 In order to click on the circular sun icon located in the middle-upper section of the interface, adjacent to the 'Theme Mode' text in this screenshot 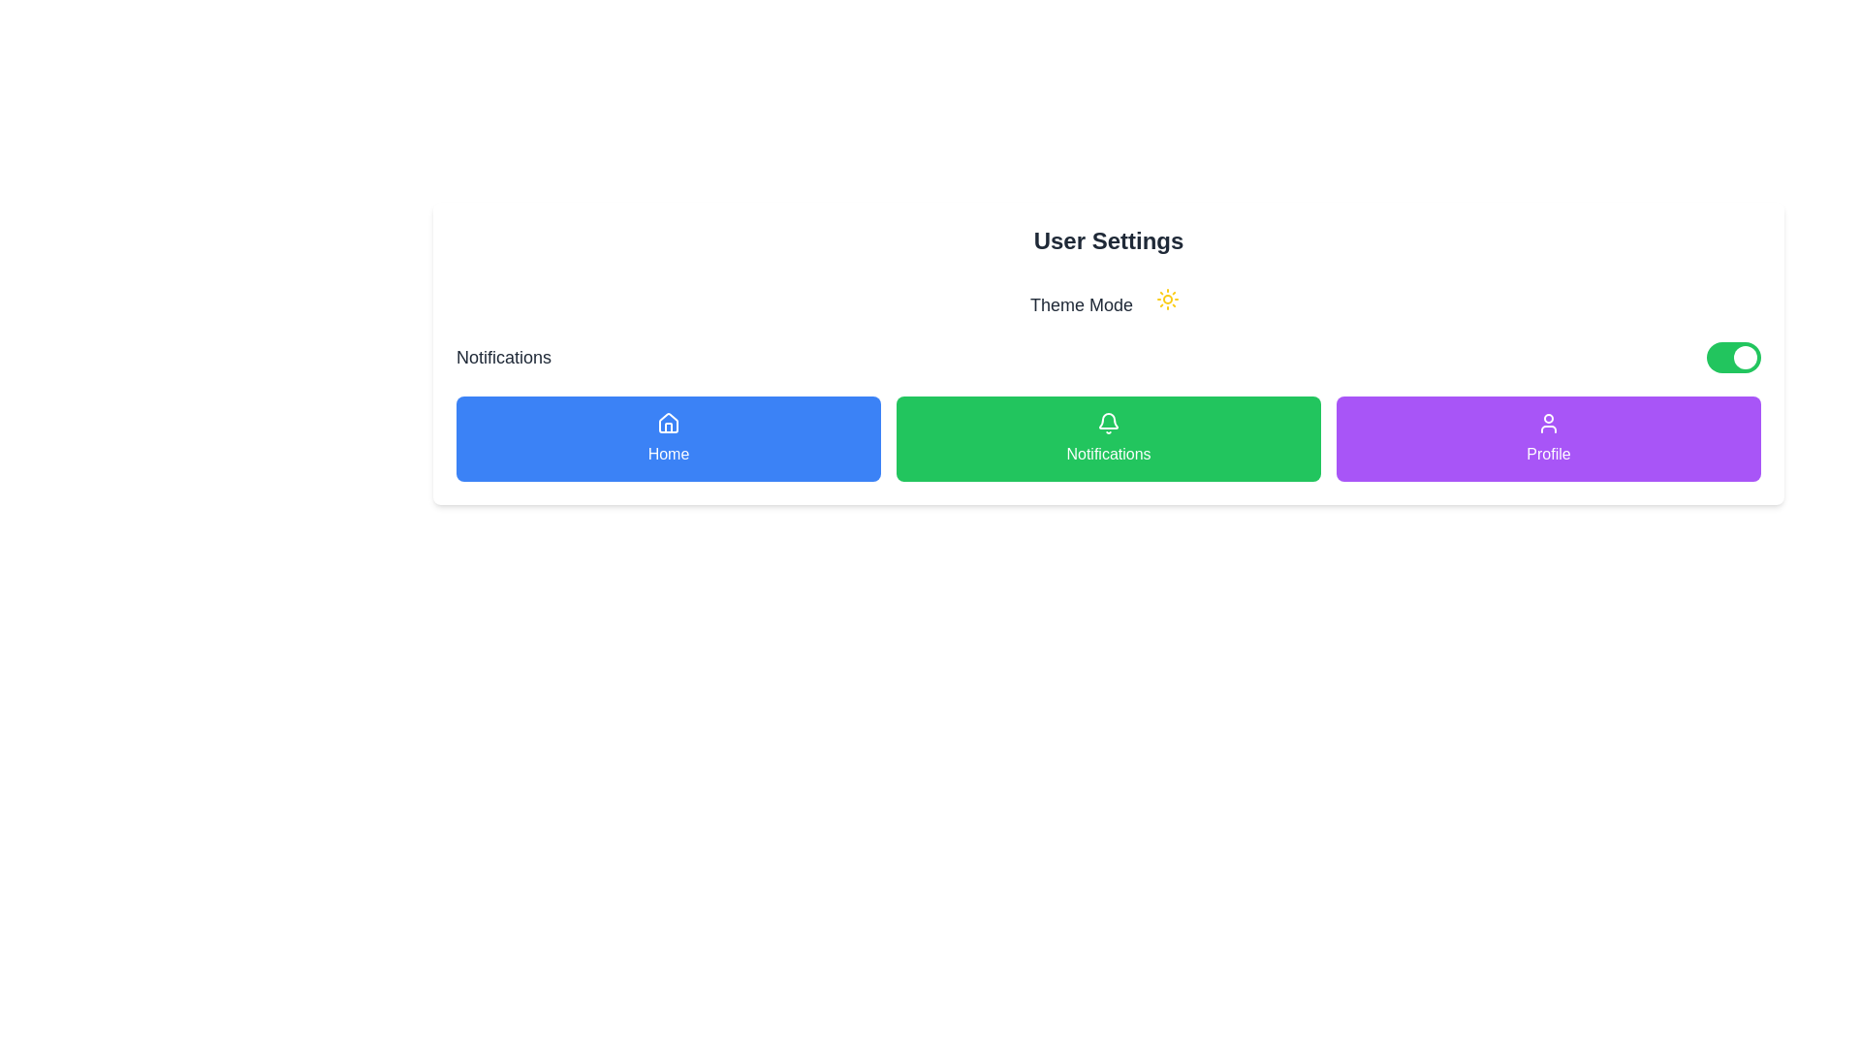, I will do `click(1166, 299)`.